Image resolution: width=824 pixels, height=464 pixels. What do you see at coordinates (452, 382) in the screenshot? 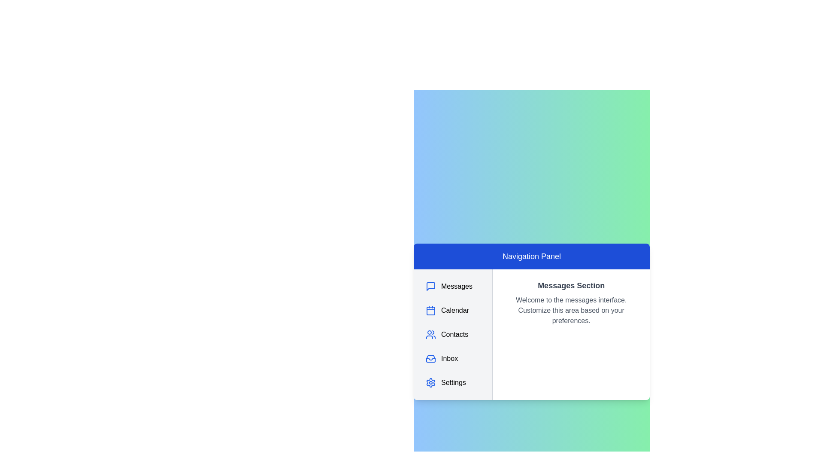
I see `the navigation item Settings to highlight it` at bounding box center [452, 382].